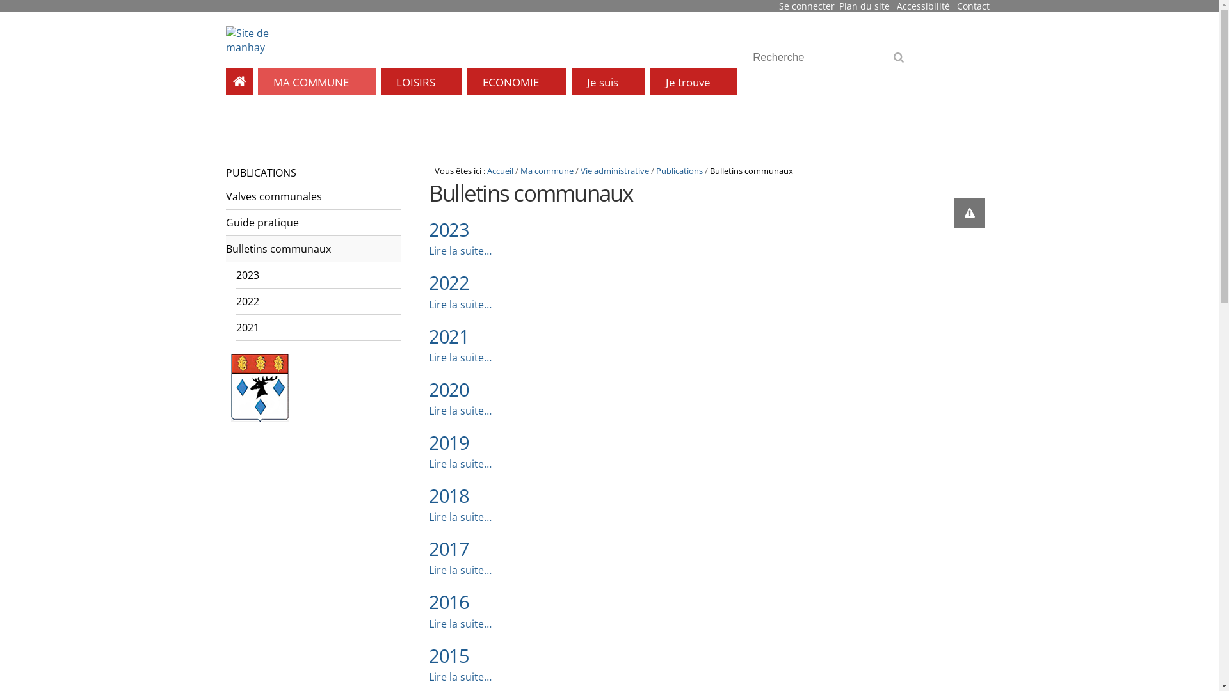 The height and width of the screenshot is (691, 1229). What do you see at coordinates (312, 249) in the screenshot?
I see `'Bulletins communaux'` at bounding box center [312, 249].